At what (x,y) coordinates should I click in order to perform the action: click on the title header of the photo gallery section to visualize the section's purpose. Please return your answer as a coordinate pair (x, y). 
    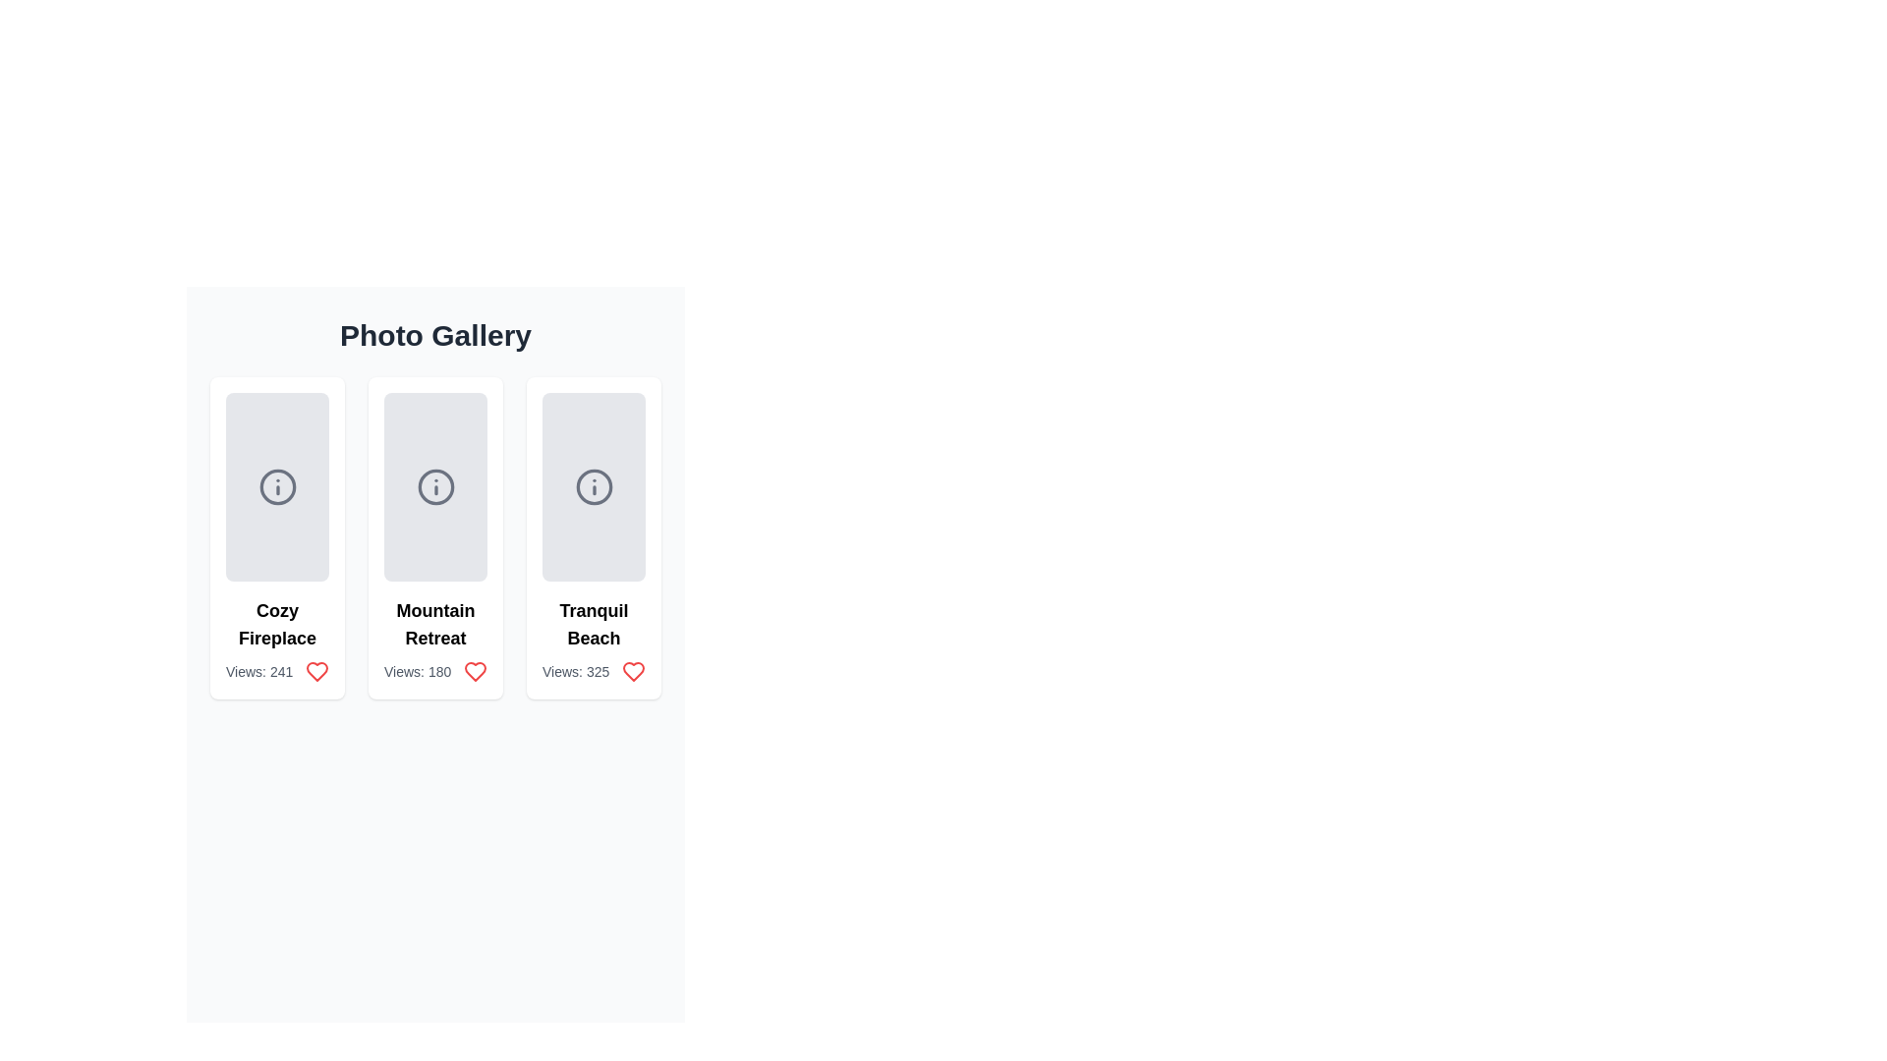
    Looking at the image, I should click on (434, 335).